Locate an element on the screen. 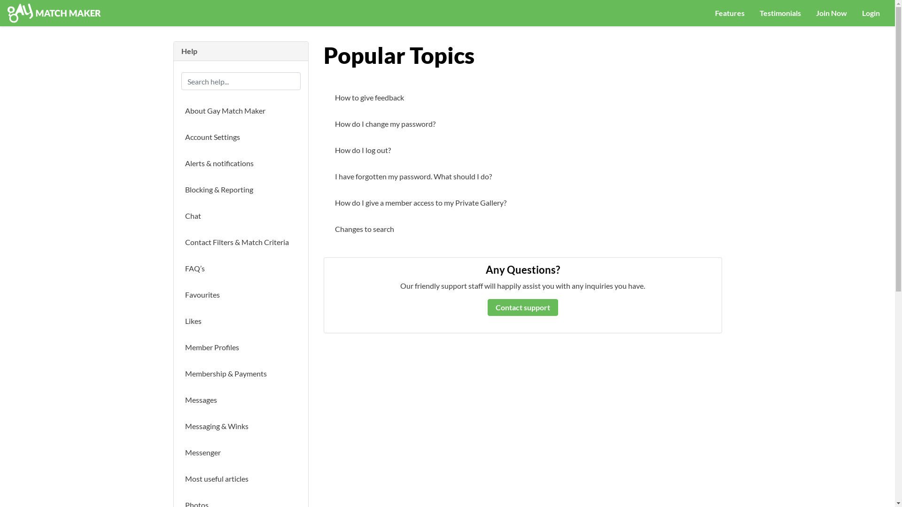 The height and width of the screenshot is (507, 902). 'Membership & Payments' is located at coordinates (241, 373).